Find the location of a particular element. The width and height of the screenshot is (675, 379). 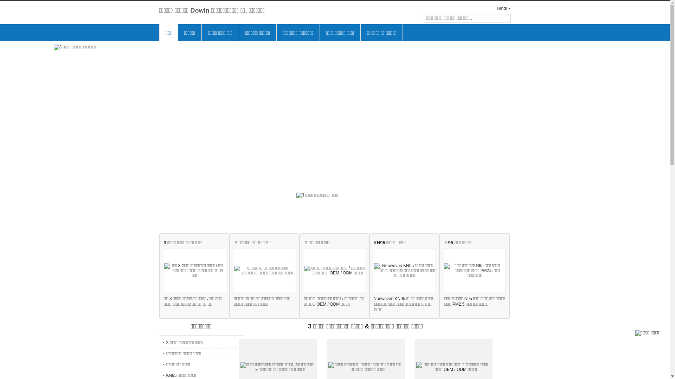

'Hindi' is located at coordinates (497, 8).